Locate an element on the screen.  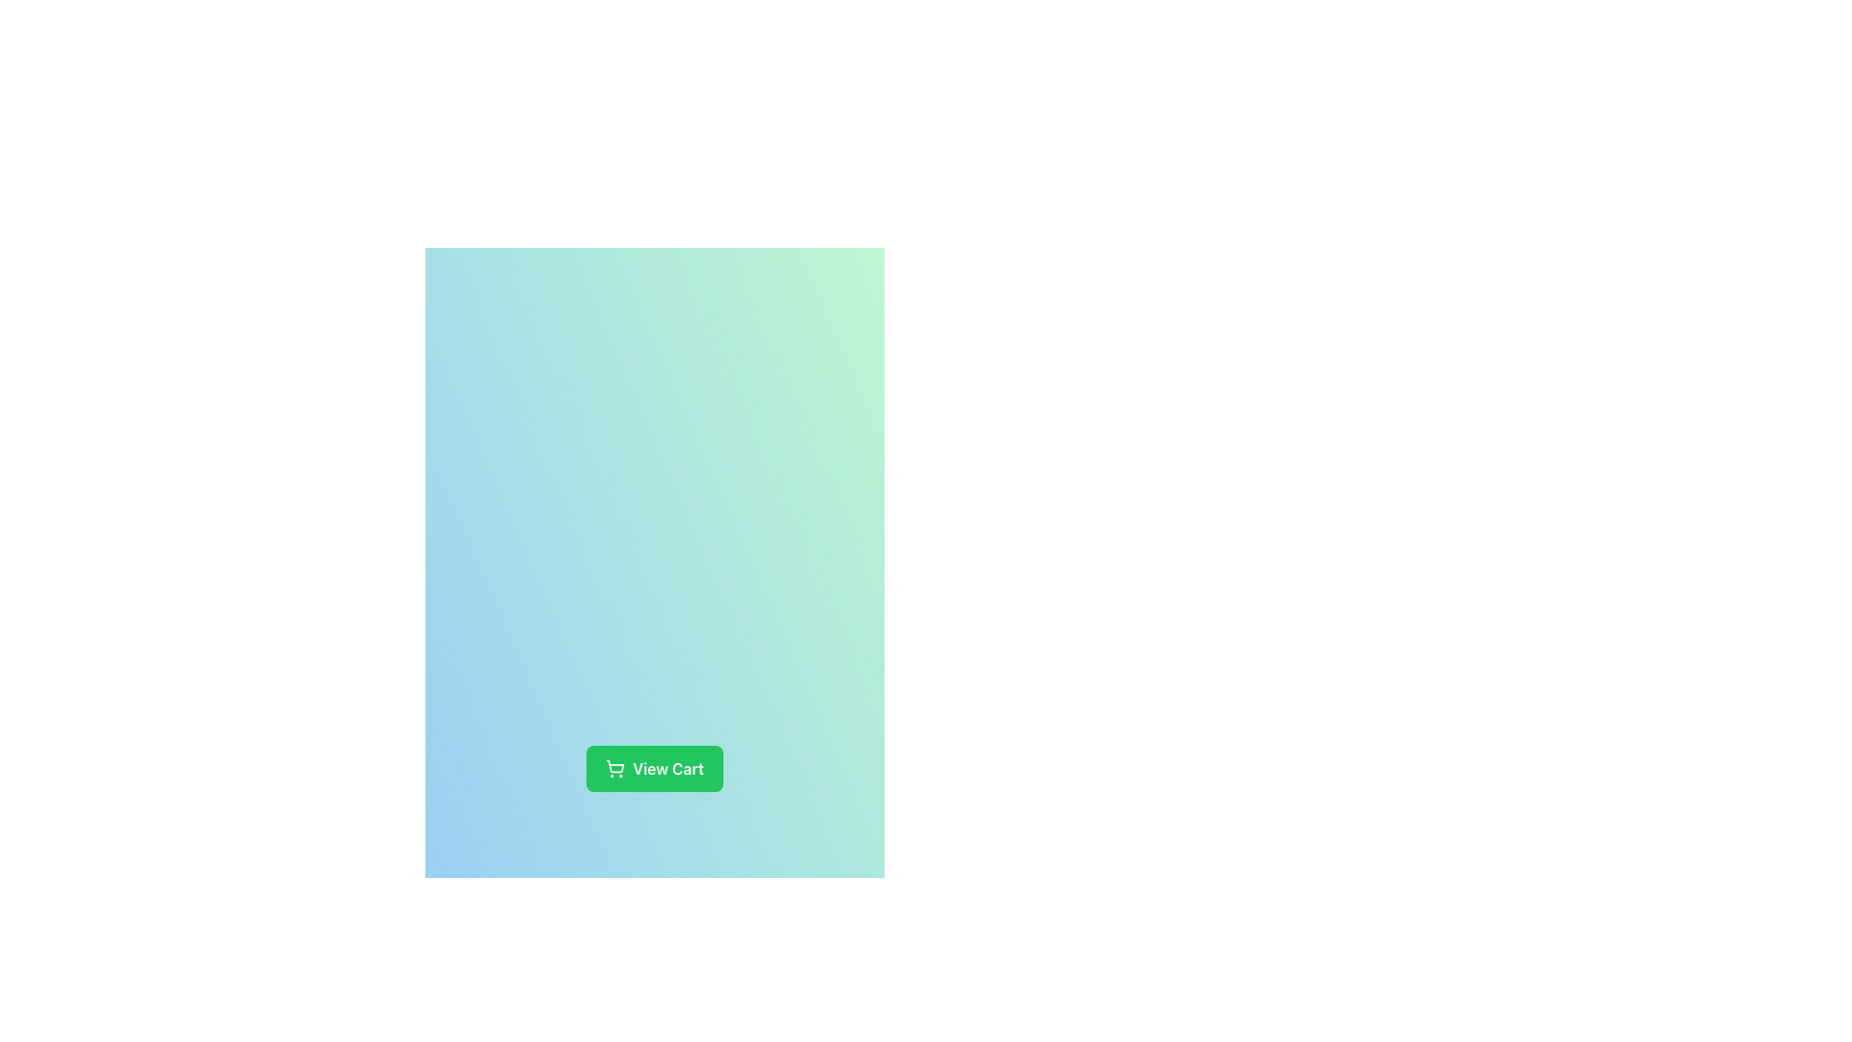
the green button labeled 'View Cart' that contains the shopping cart icon on its left side is located at coordinates (614, 768).